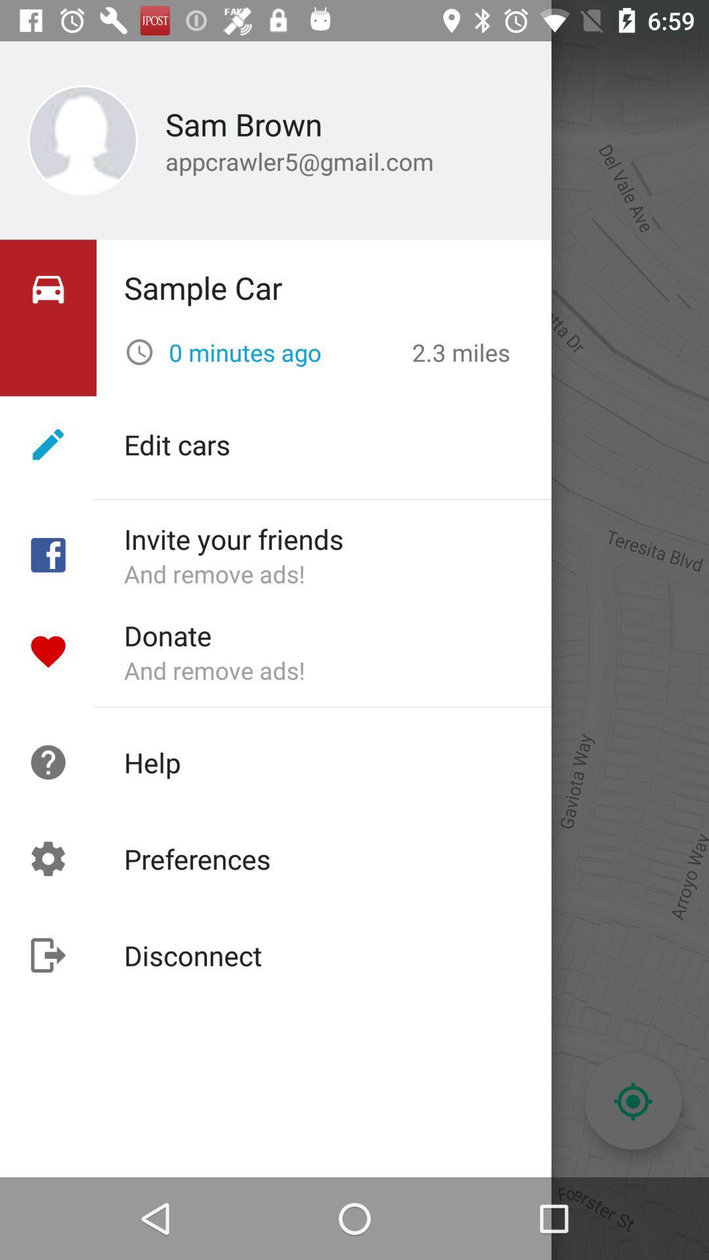 This screenshot has height=1260, width=709. What do you see at coordinates (632, 1101) in the screenshot?
I see `the location_crosshair icon` at bounding box center [632, 1101].